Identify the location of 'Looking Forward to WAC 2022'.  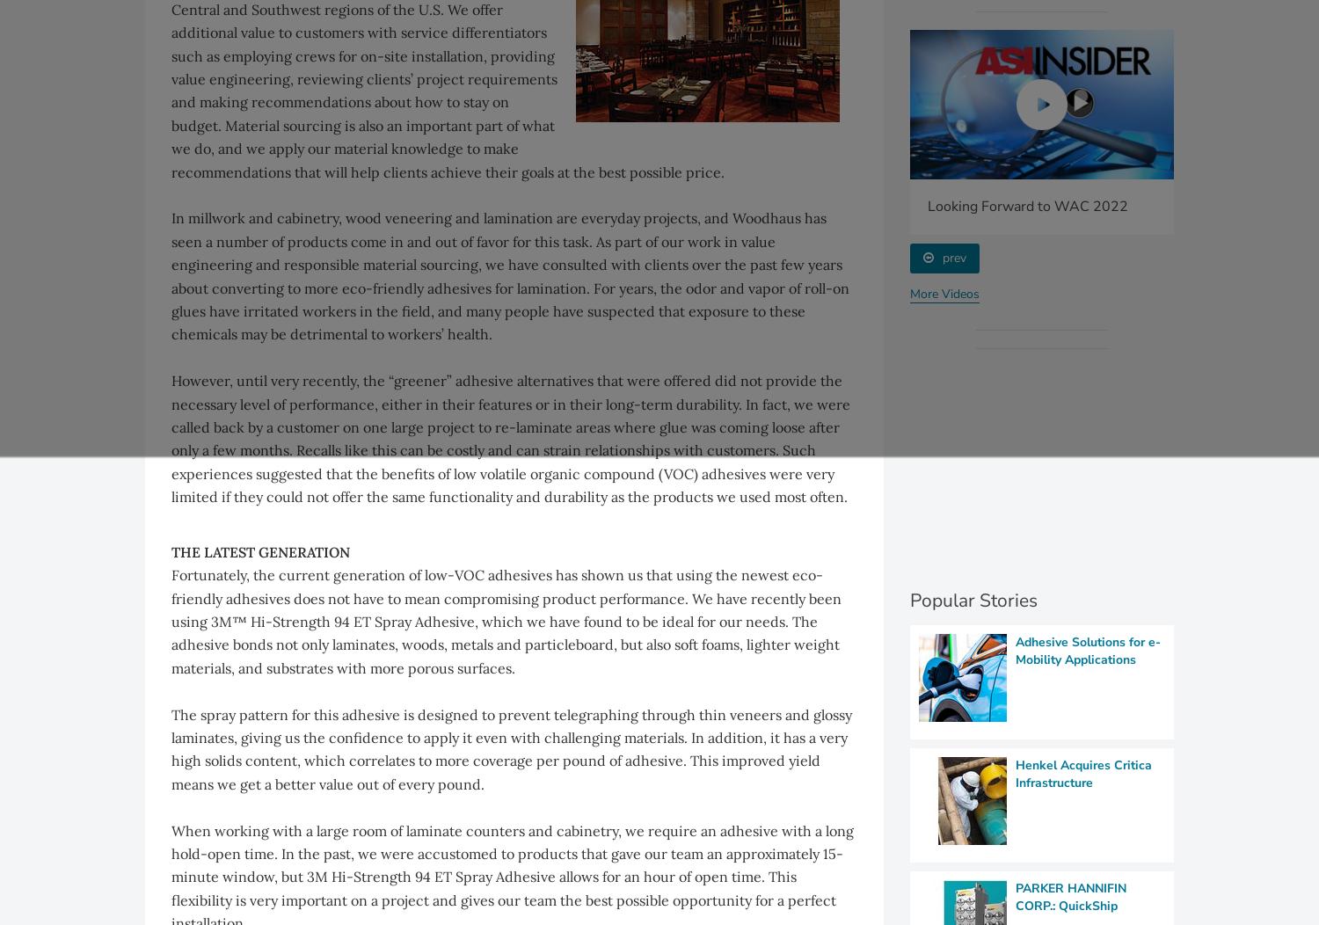
(1027, 204).